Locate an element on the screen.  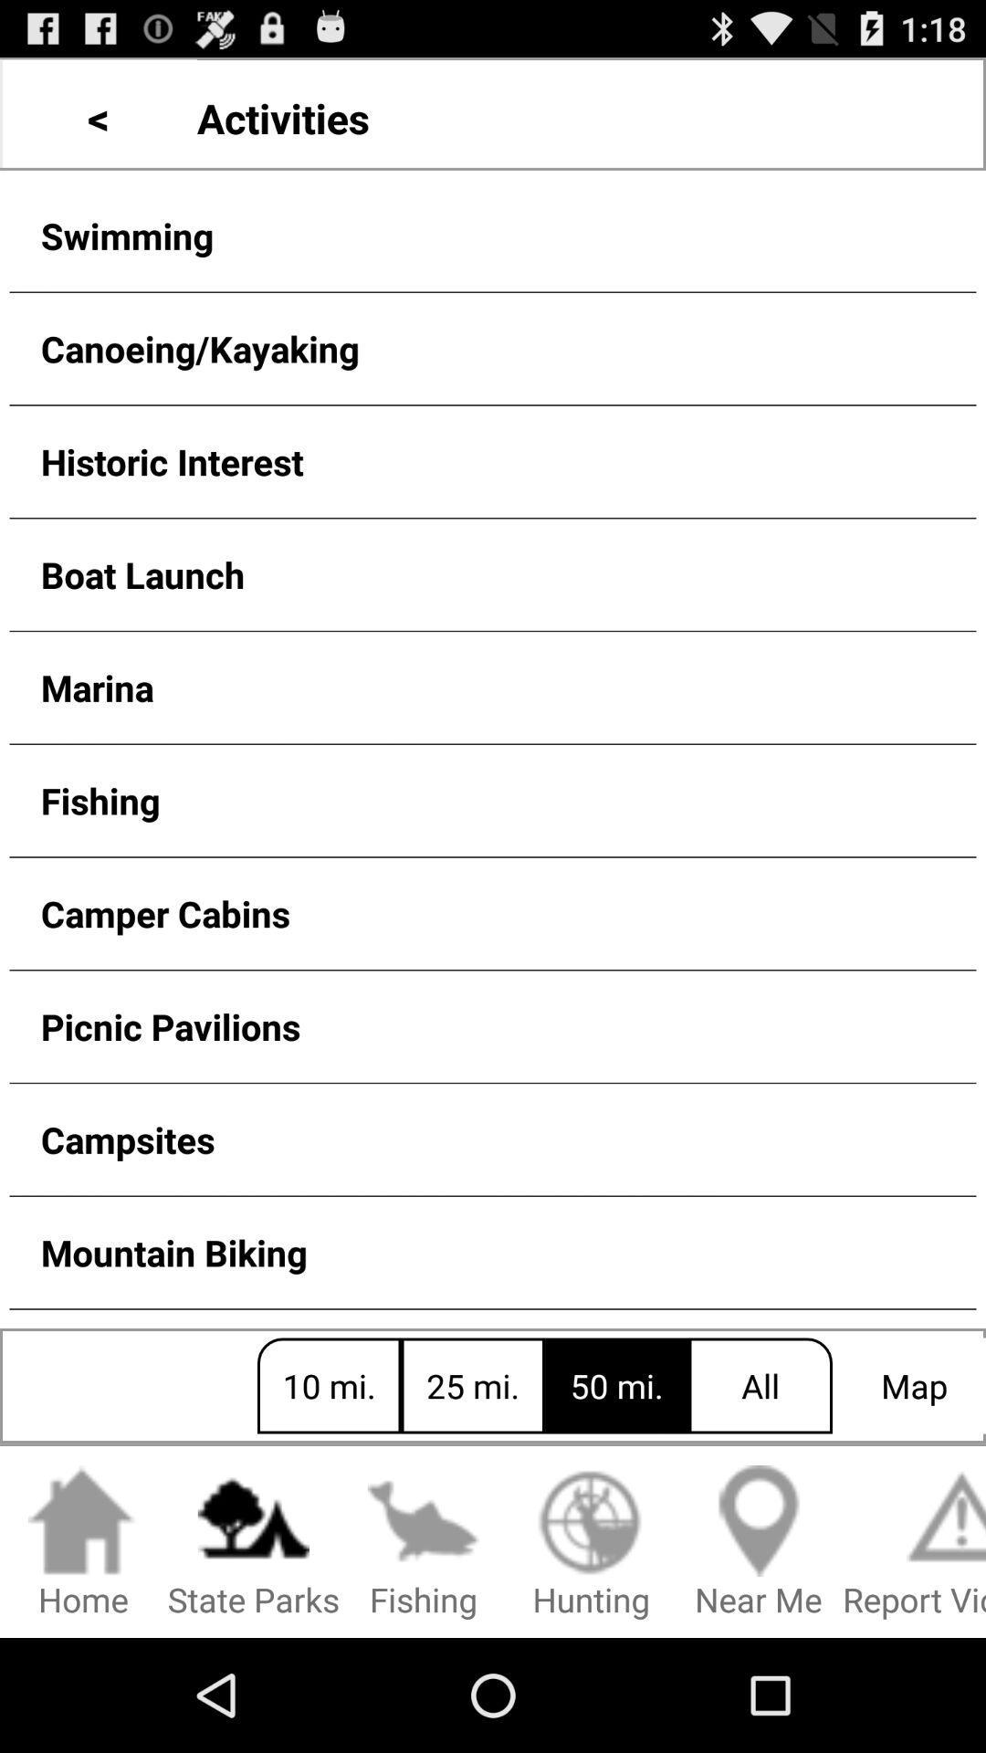
home is located at coordinates (83, 1542).